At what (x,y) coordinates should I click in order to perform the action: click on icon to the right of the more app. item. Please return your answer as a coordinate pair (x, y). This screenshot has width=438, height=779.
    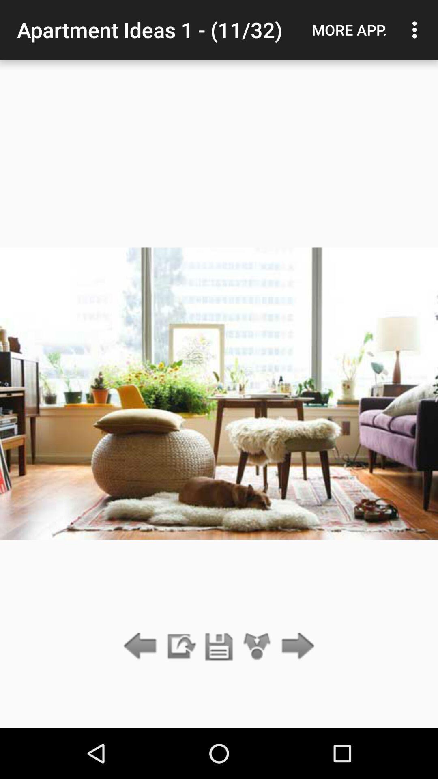
    Looking at the image, I should click on (417, 30).